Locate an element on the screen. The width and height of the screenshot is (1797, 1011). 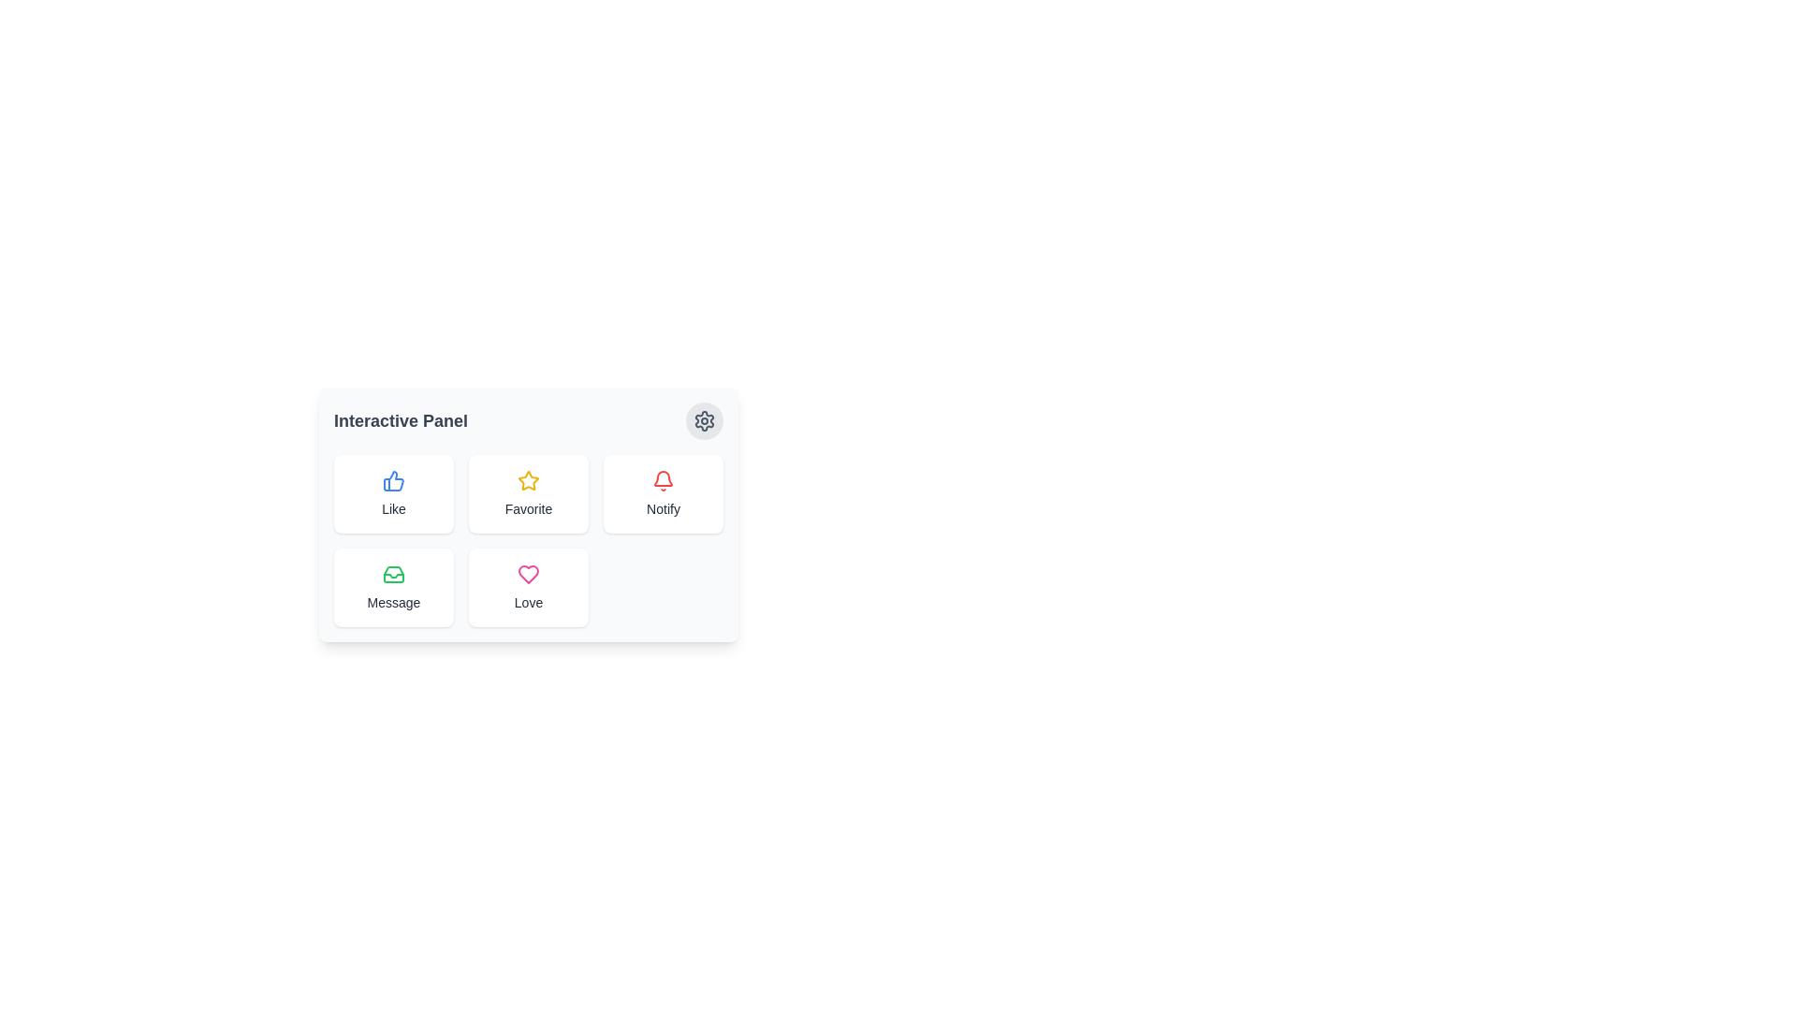
the 'Favorite' button, which is the second card in the first row of a three-column grid layout is located at coordinates (528, 493).